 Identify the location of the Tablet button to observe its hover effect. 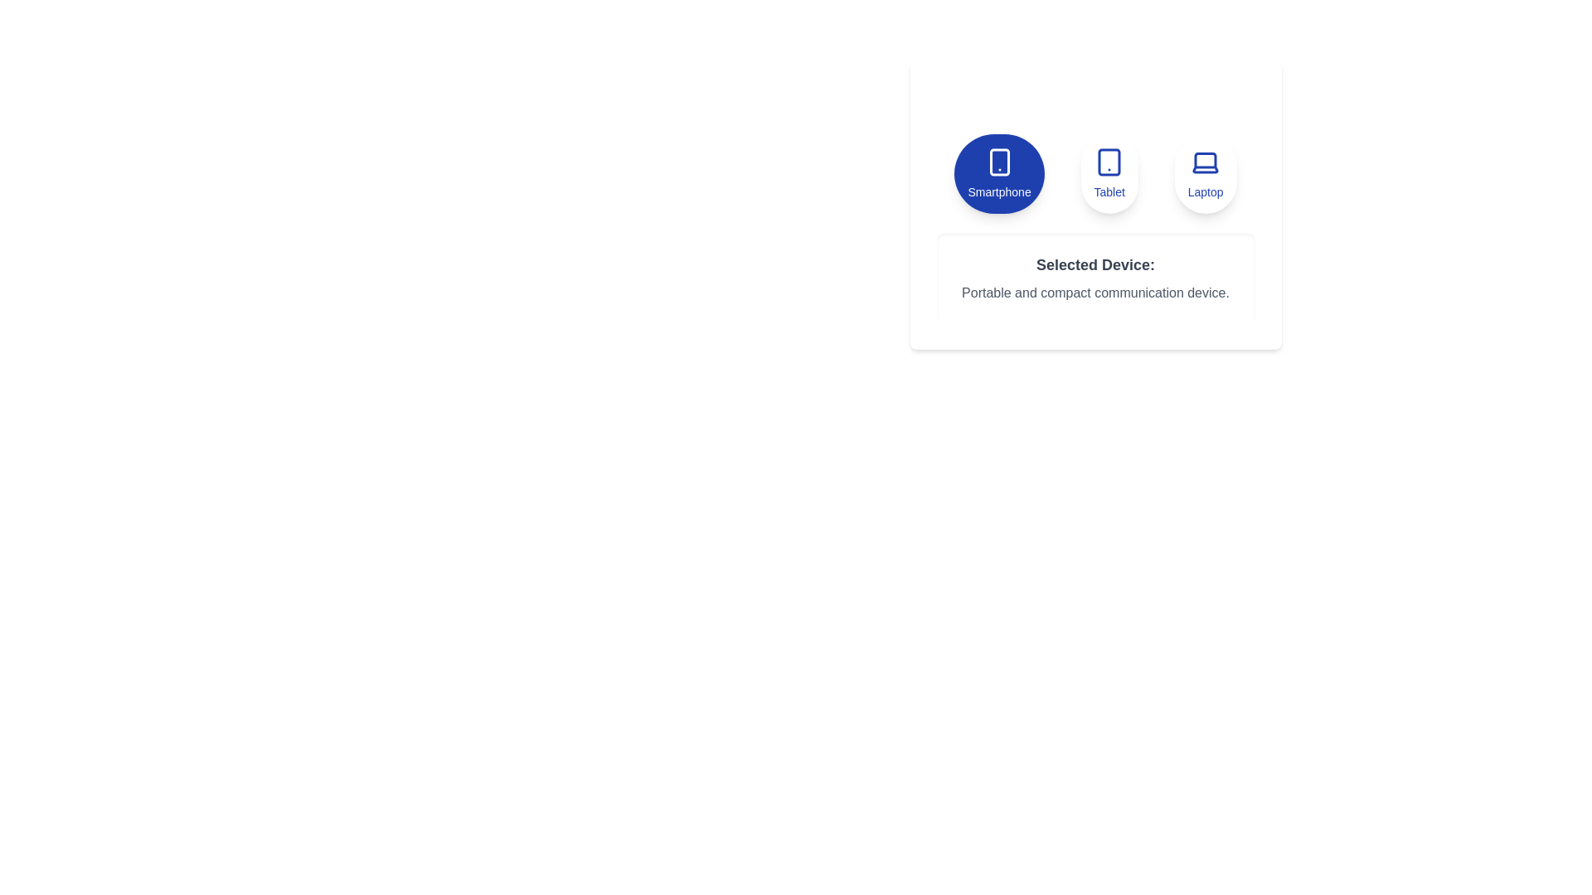
(1109, 173).